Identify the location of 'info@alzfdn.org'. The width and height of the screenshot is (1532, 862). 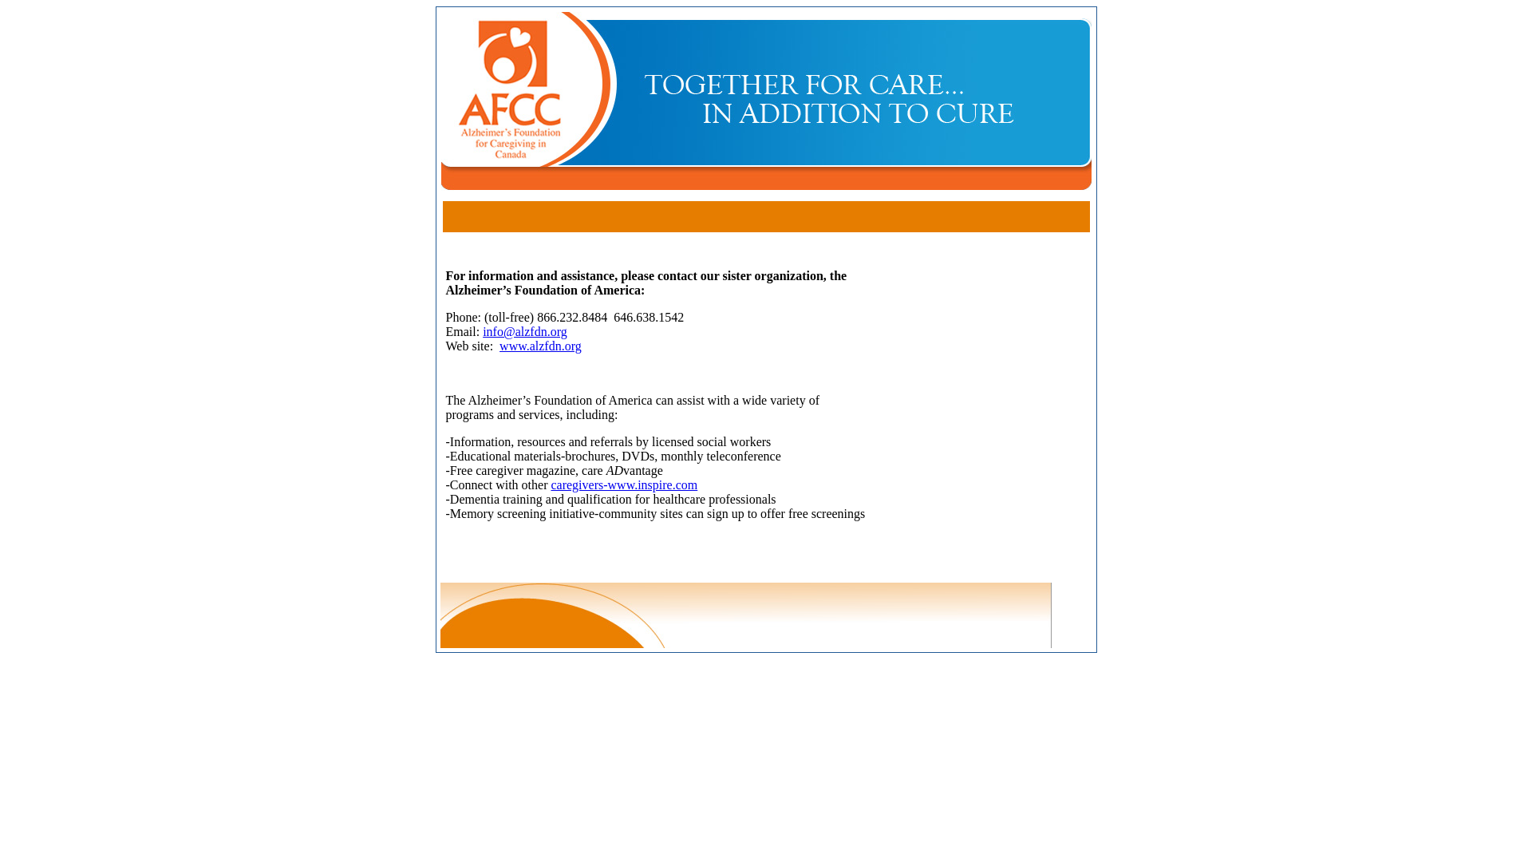
(524, 330).